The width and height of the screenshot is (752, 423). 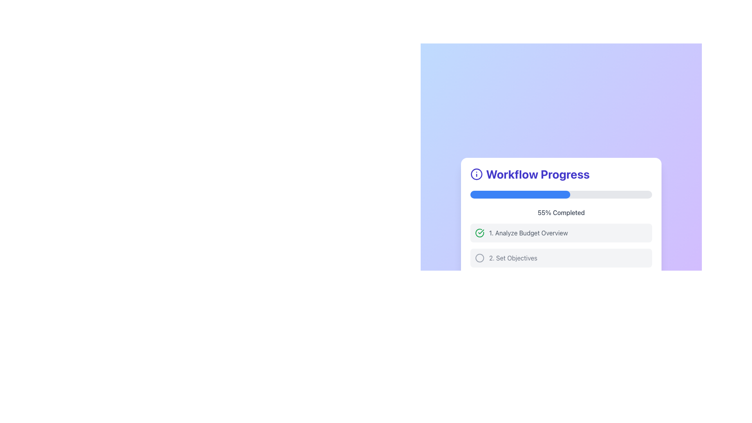 I want to click on text of the list item element stating '2. Set Objectives', which is displayed within a gray rounded rectangle in the progress tracking component, so click(x=561, y=255).